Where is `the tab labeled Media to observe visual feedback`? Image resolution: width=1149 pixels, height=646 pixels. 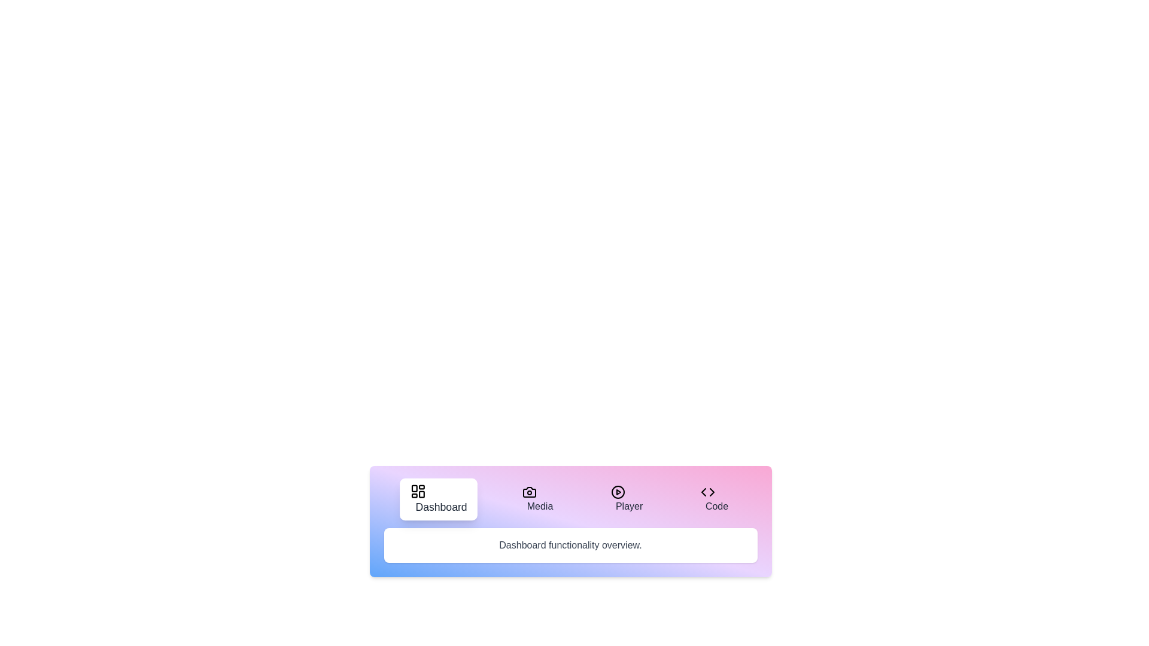
the tab labeled Media to observe visual feedback is located at coordinates (537, 499).